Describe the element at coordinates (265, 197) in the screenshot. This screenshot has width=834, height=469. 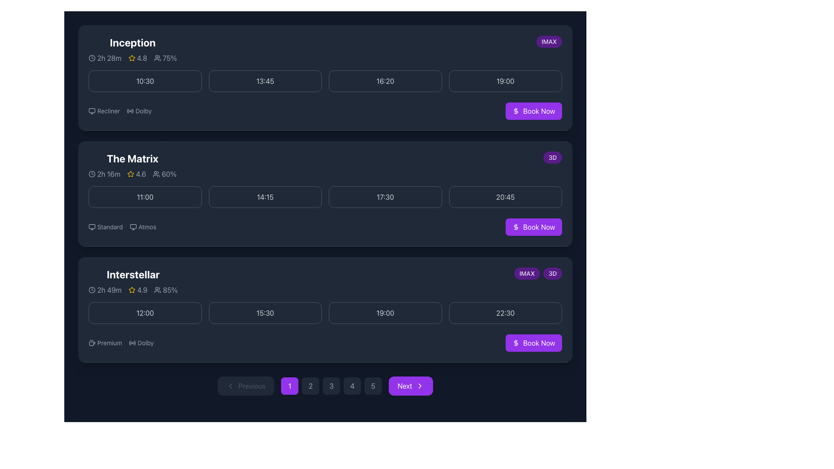
I see `the interactive button for selecting the 14:15 time slot for 'The Matrix' to trigger a border color change` at that location.